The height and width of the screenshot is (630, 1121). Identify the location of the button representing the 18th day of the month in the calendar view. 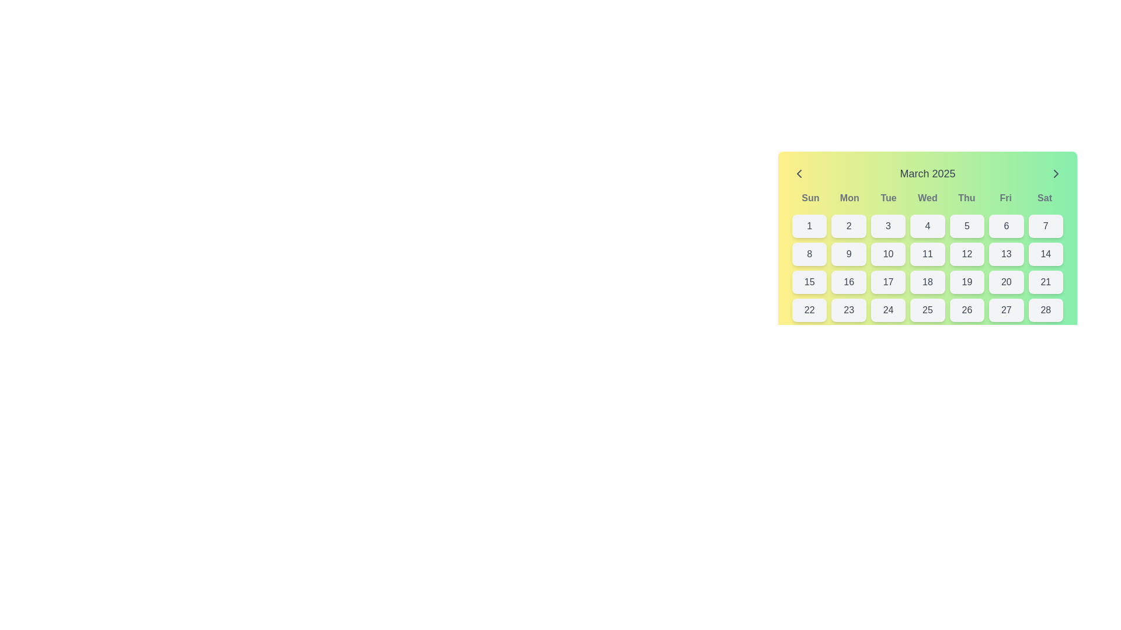
(927, 282).